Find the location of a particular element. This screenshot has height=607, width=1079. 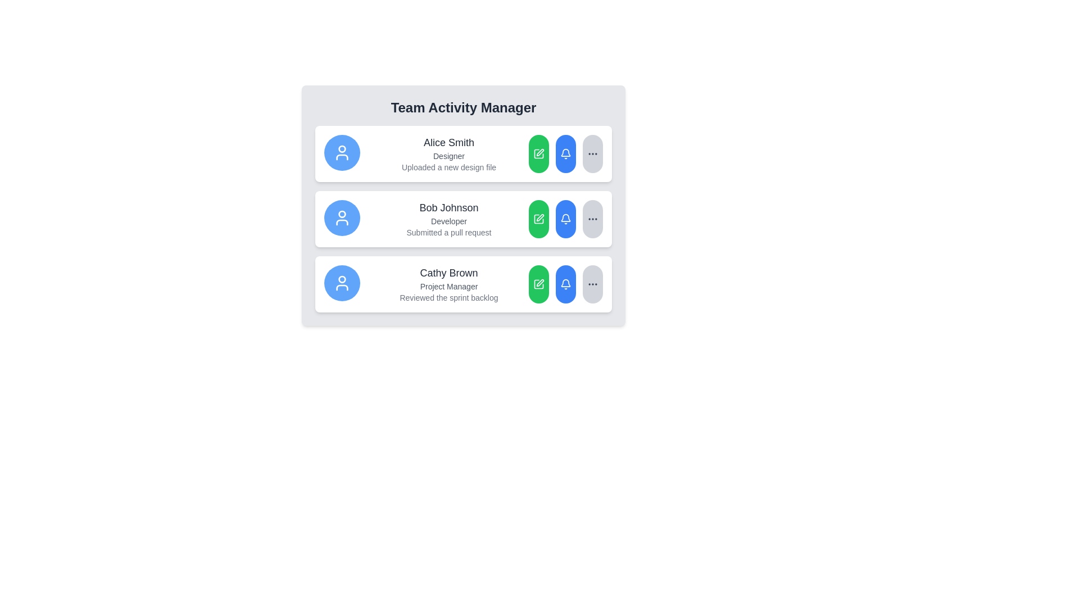

the Text label that describes the action of the individual who submitted a pull request, located in the middle row of the 'Team Activity Manager', directly below the 'Developer' label is located at coordinates (448, 232).